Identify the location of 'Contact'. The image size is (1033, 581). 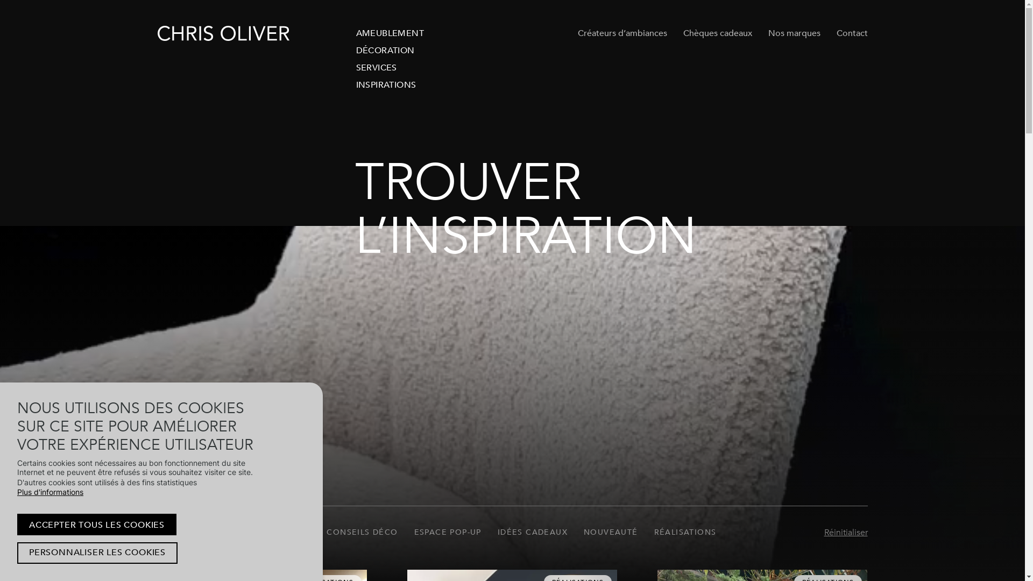
(836, 32).